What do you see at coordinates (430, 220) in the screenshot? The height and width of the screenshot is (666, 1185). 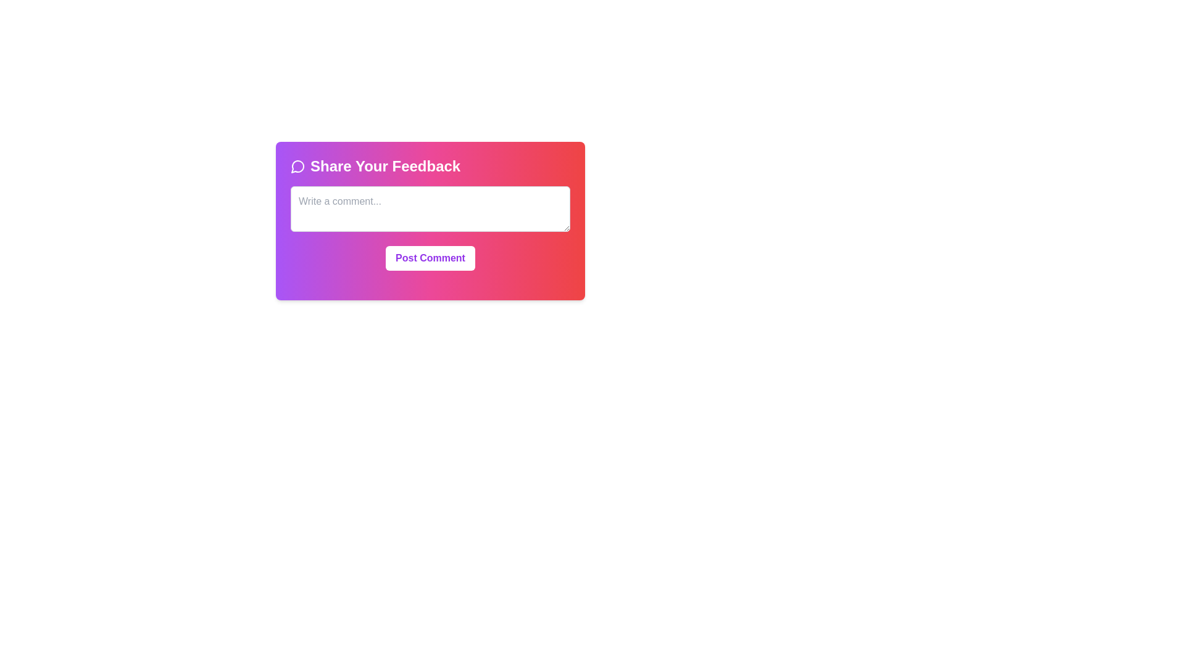 I see `the input field of the Interactive feedback form to type feedback` at bounding box center [430, 220].